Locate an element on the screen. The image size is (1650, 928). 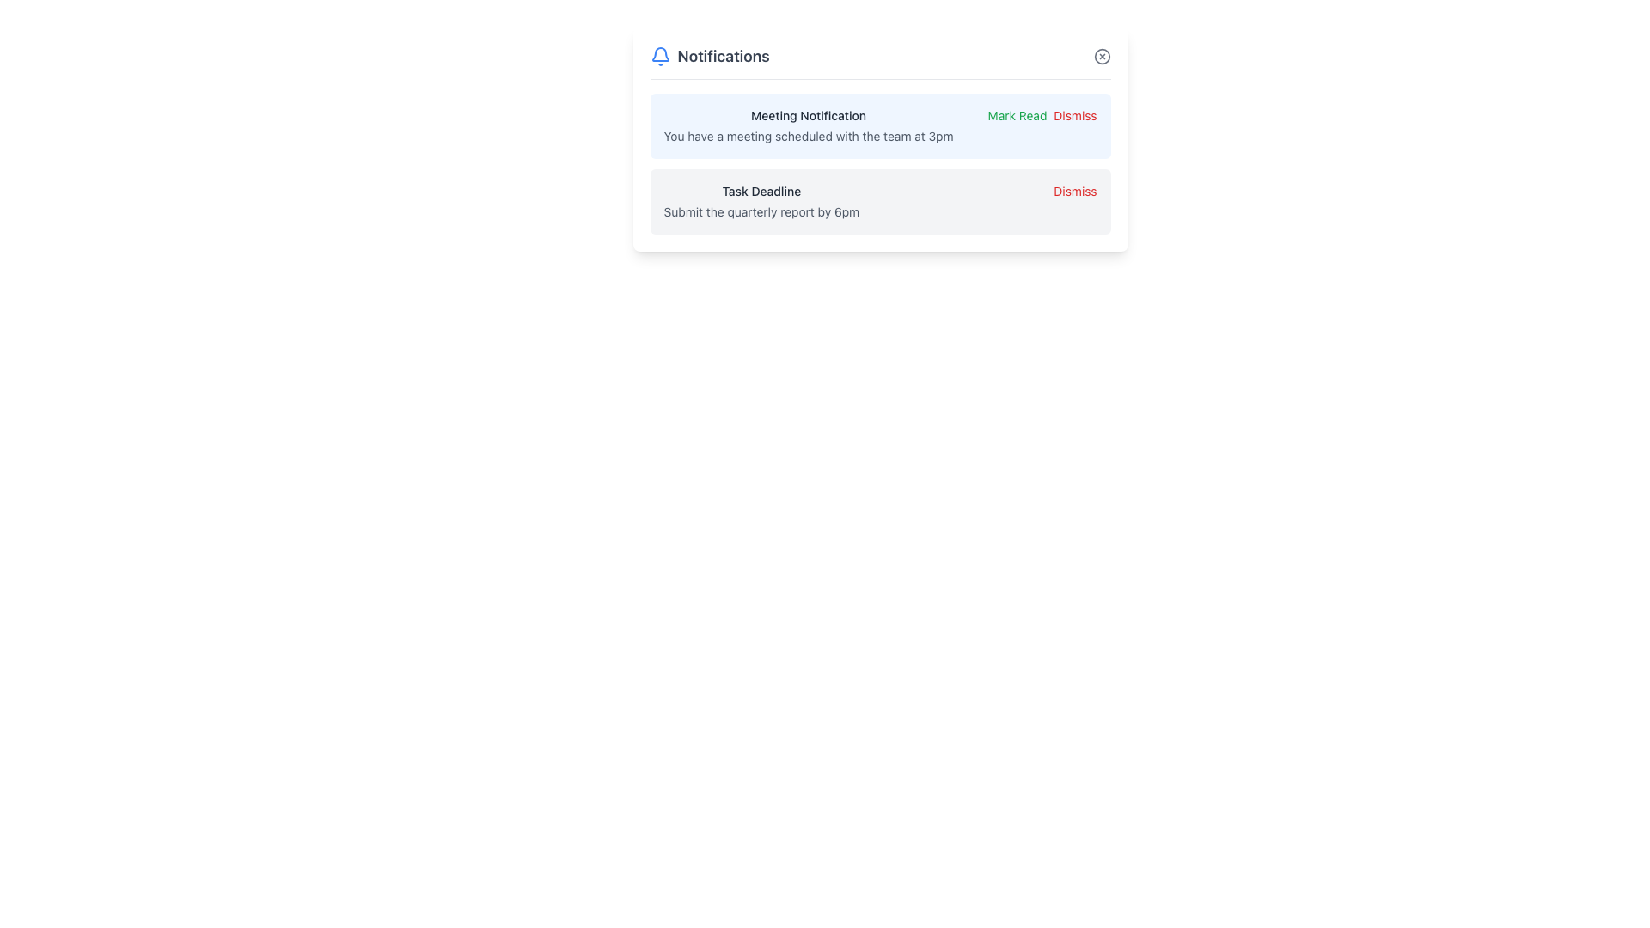
the first notification item with a light-blue background that contains a bold title and descriptive message, which has interactive links labeled 'Mark Read' and 'Dismiss' on the right is located at coordinates (880, 125).